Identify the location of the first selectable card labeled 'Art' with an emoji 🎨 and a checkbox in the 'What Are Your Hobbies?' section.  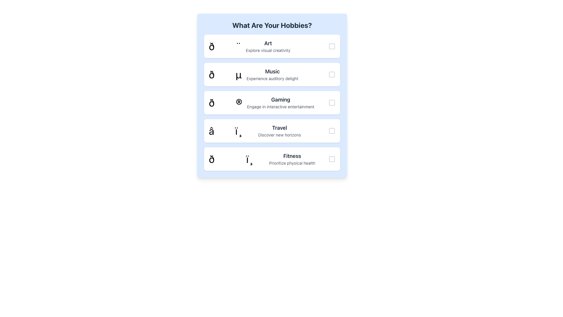
(272, 46).